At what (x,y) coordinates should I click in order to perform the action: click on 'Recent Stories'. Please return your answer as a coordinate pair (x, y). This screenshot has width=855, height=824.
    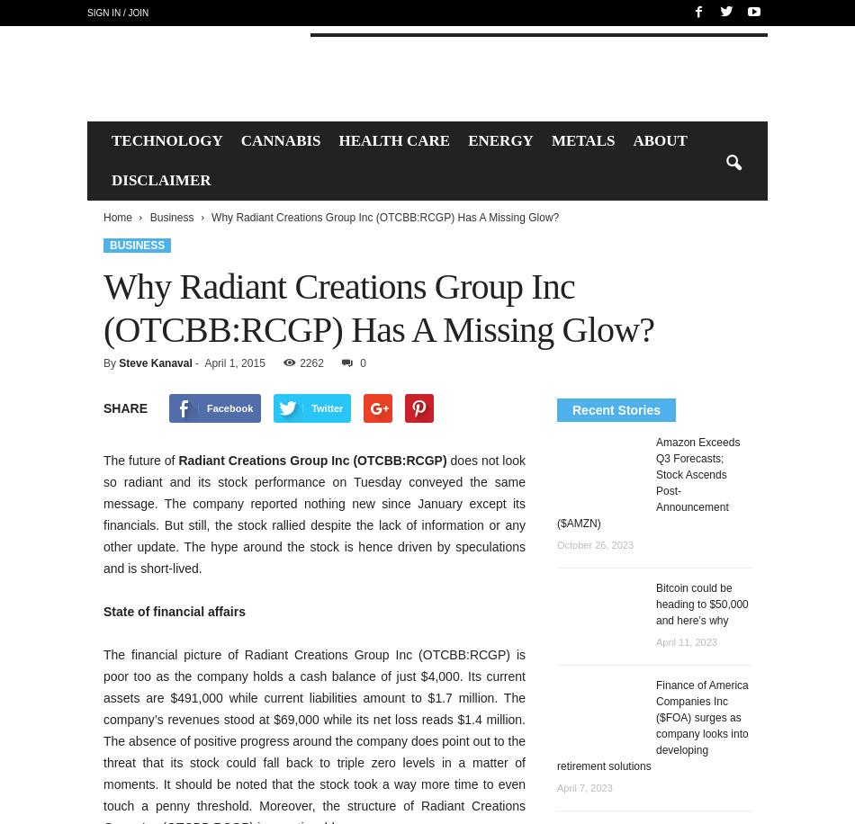
    Looking at the image, I should click on (572, 408).